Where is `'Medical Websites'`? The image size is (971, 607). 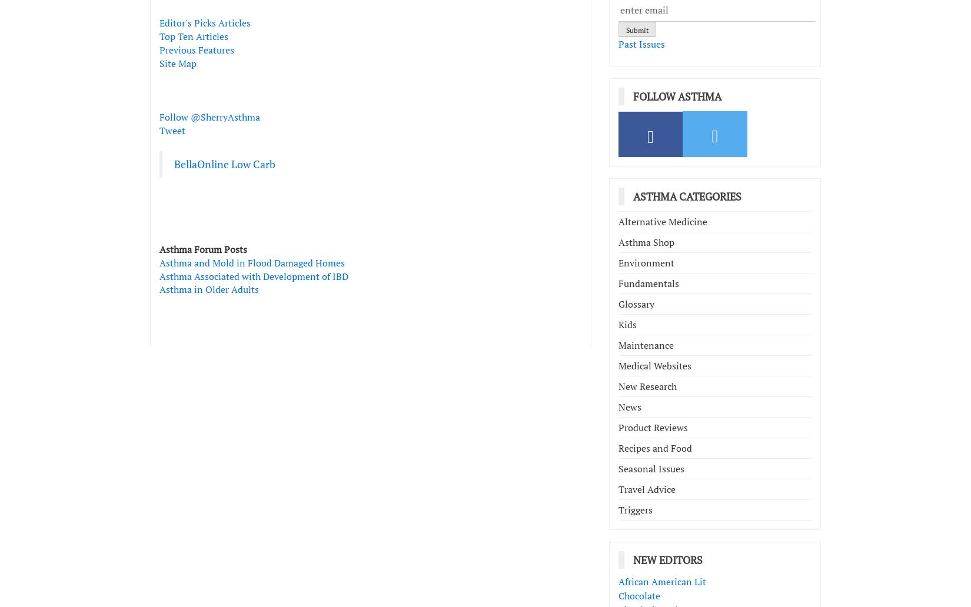
'Medical Websites' is located at coordinates (654, 365).